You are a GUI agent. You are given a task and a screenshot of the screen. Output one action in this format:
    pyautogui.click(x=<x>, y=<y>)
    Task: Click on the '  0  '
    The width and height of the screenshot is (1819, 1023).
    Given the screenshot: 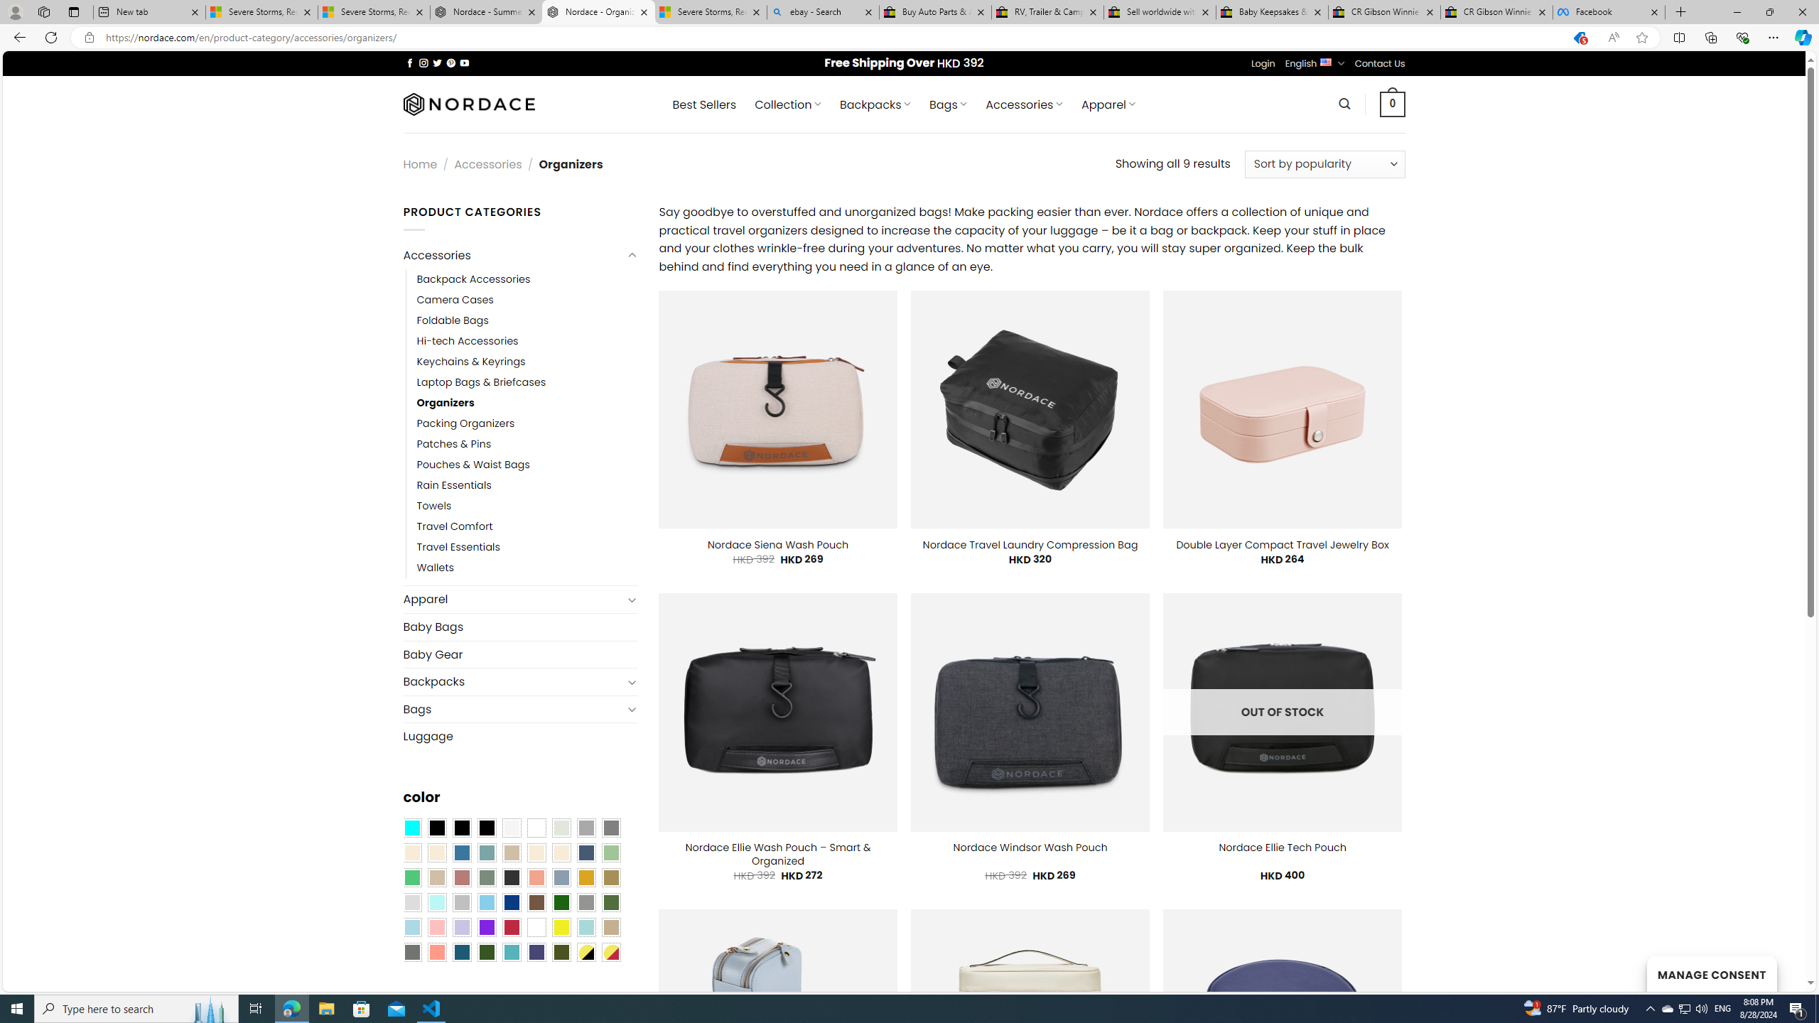 What is the action you would take?
    pyautogui.click(x=1393, y=103)
    